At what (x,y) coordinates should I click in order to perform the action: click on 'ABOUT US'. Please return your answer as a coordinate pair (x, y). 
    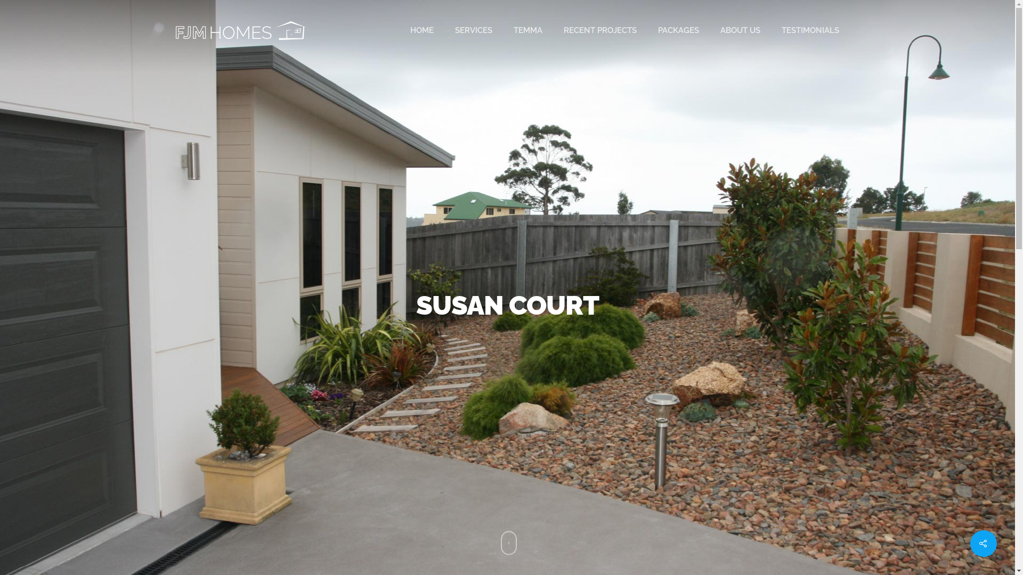
    Looking at the image, I should click on (740, 30).